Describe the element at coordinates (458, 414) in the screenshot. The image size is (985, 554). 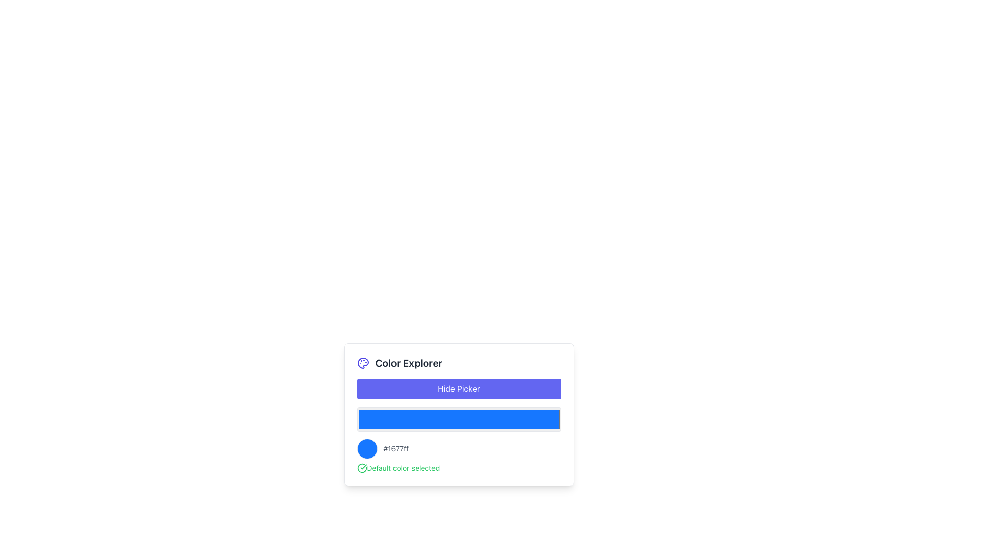
I see `the blue color input or preview bar located below the 'Hide Picker' button` at that location.